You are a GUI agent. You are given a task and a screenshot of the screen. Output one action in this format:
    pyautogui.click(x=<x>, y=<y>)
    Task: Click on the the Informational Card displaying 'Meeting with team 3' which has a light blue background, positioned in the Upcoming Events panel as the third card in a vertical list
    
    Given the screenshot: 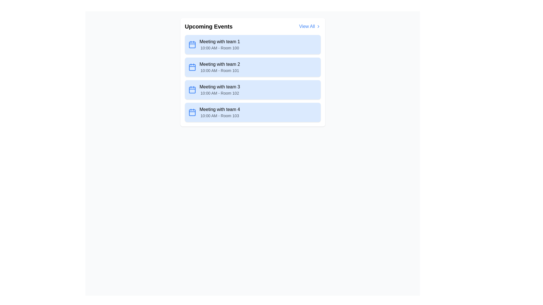 What is the action you would take?
    pyautogui.click(x=252, y=89)
    